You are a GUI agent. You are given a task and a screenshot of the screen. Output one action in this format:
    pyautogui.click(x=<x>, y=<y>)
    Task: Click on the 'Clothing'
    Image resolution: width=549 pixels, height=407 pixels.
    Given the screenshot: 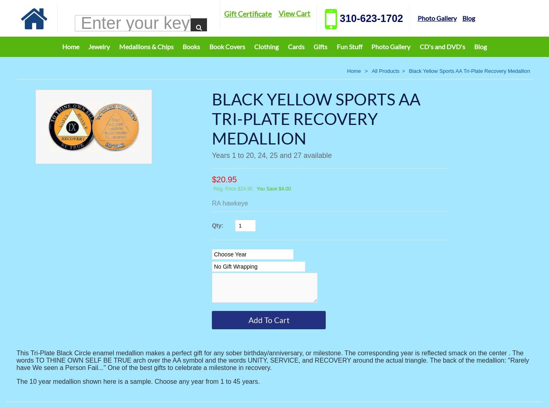 What is the action you would take?
    pyautogui.click(x=266, y=46)
    